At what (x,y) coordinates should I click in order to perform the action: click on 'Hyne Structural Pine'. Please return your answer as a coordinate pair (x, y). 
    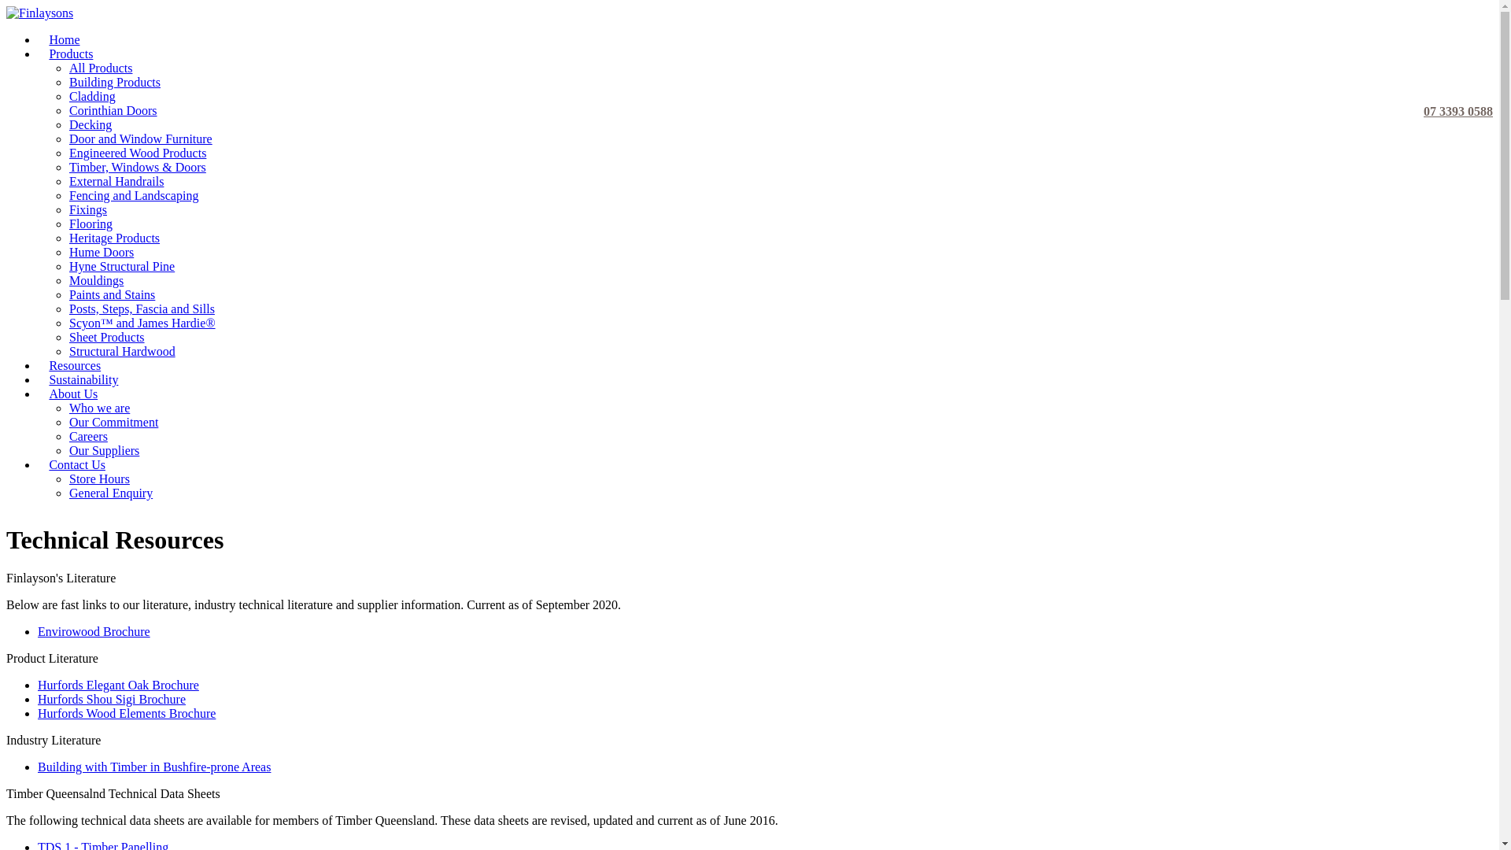
    Looking at the image, I should click on (120, 265).